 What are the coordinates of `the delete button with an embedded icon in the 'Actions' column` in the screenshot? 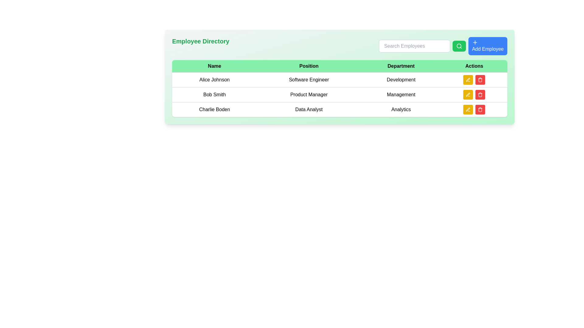 It's located at (480, 95).